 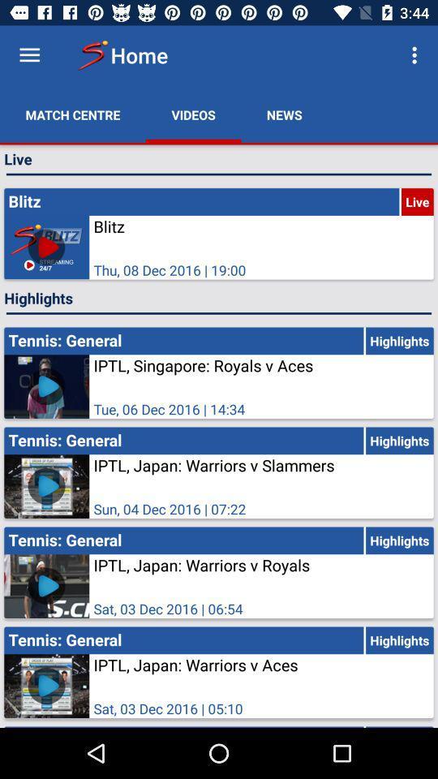 What do you see at coordinates (416, 55) in the screenshot?
I see `the item next to the news icon` at bounding box center [416, 55].